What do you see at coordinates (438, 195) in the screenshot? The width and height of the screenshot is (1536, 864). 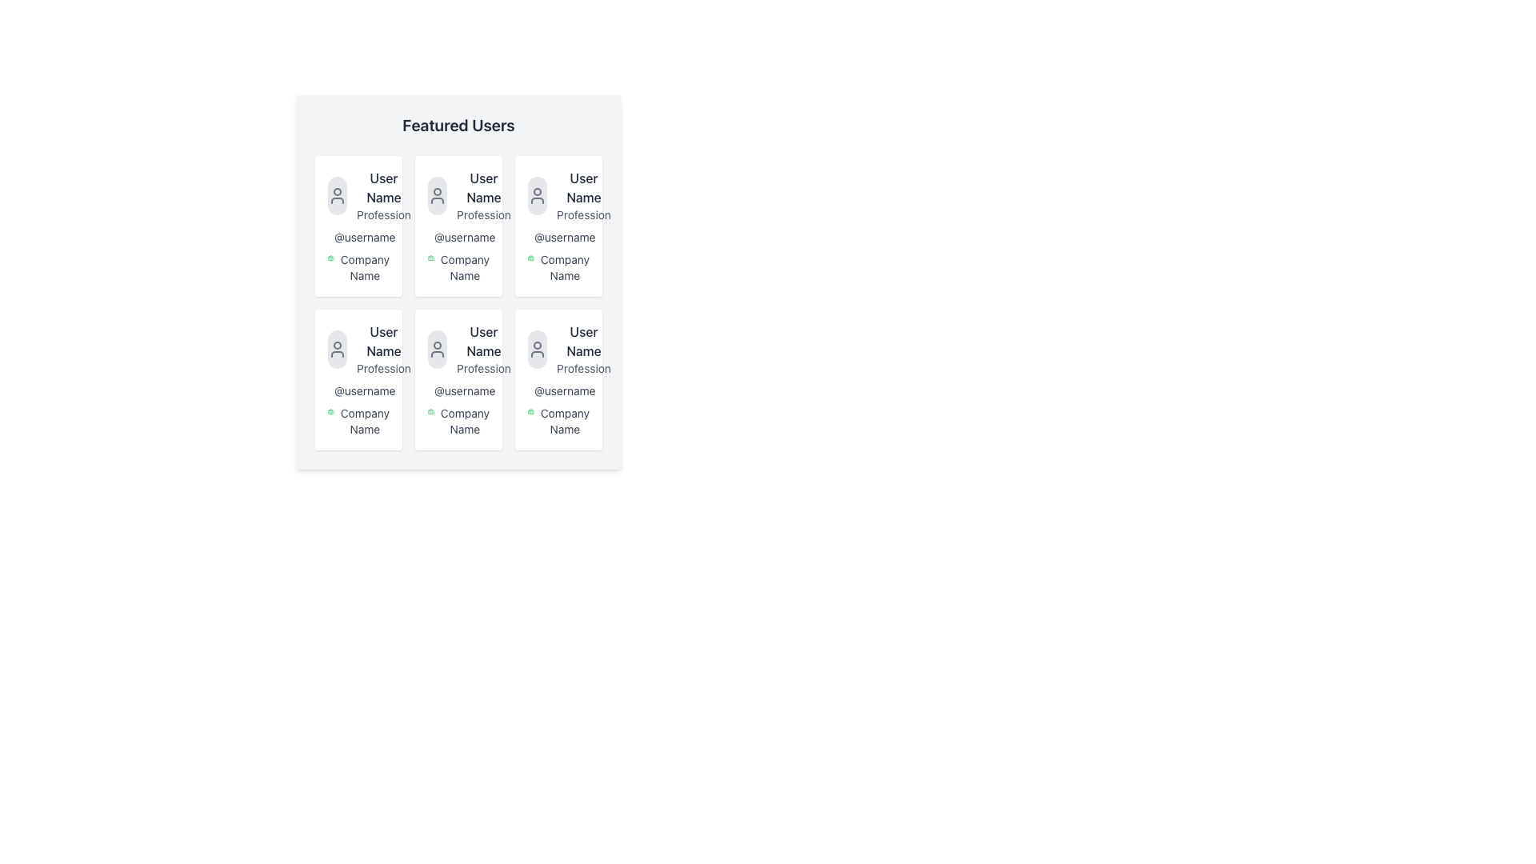 I see `the circular Profile Placeholder element which has a gray background and a user-like icon centered within it` at bounding box center [438, 195].